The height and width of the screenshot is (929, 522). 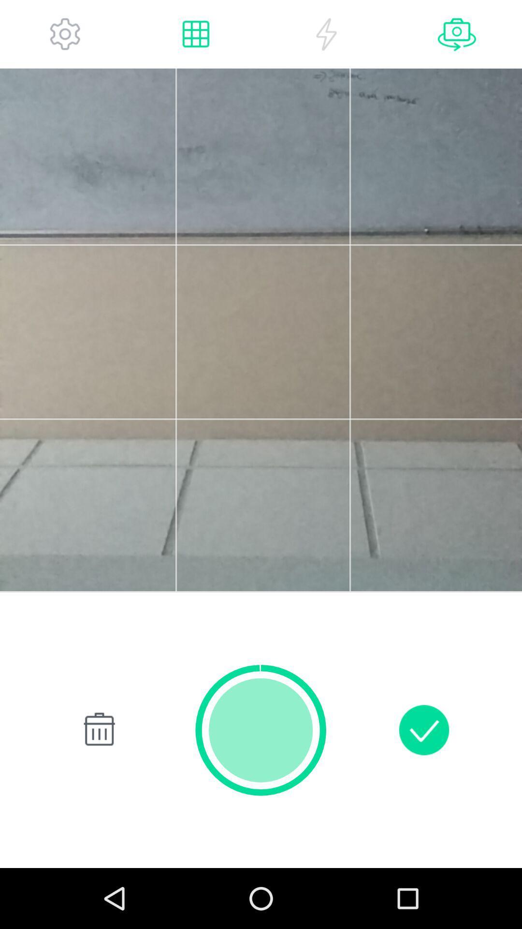 I want to click on to show grid, so click(x=196, y=34).